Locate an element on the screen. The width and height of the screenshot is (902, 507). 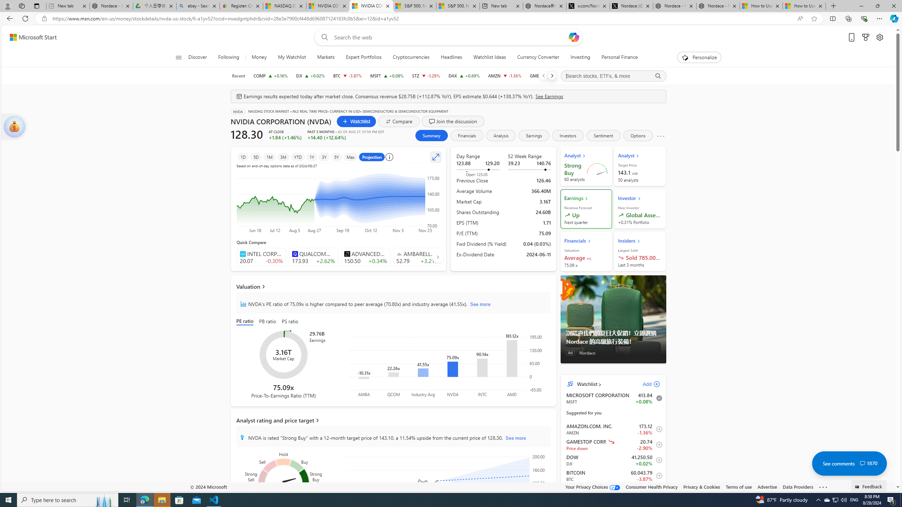
'ETH Ethereum decrease 2,529.56 -87.30 -3.45% item4' is located at coordinates (613, 491).